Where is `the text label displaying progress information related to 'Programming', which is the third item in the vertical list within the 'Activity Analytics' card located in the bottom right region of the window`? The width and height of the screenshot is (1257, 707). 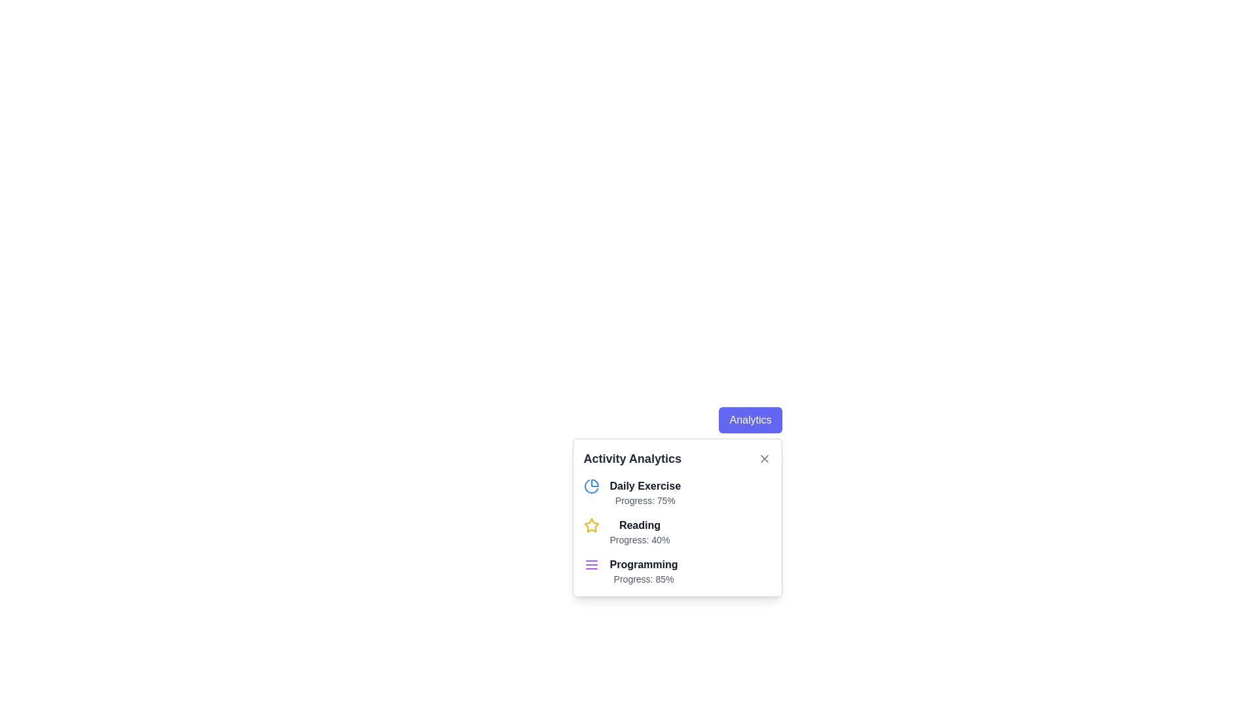 the text label displaying progress information related to 'Programming', which is the third item in the vertical list within the 'Activity Analytics' card located in the bottom right region of the window is located at coordinates (677, 570).